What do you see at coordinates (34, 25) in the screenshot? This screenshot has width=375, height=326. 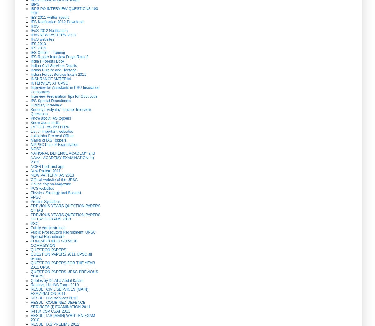 I see `'IFoS'` at bounding box center [34, 25].